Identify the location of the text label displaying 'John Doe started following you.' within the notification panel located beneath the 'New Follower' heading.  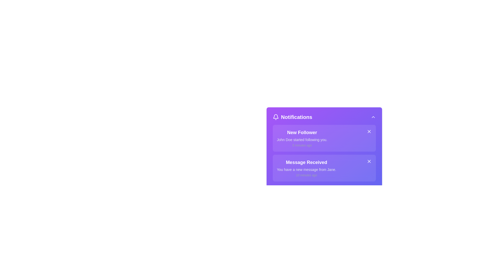
(302, 140).